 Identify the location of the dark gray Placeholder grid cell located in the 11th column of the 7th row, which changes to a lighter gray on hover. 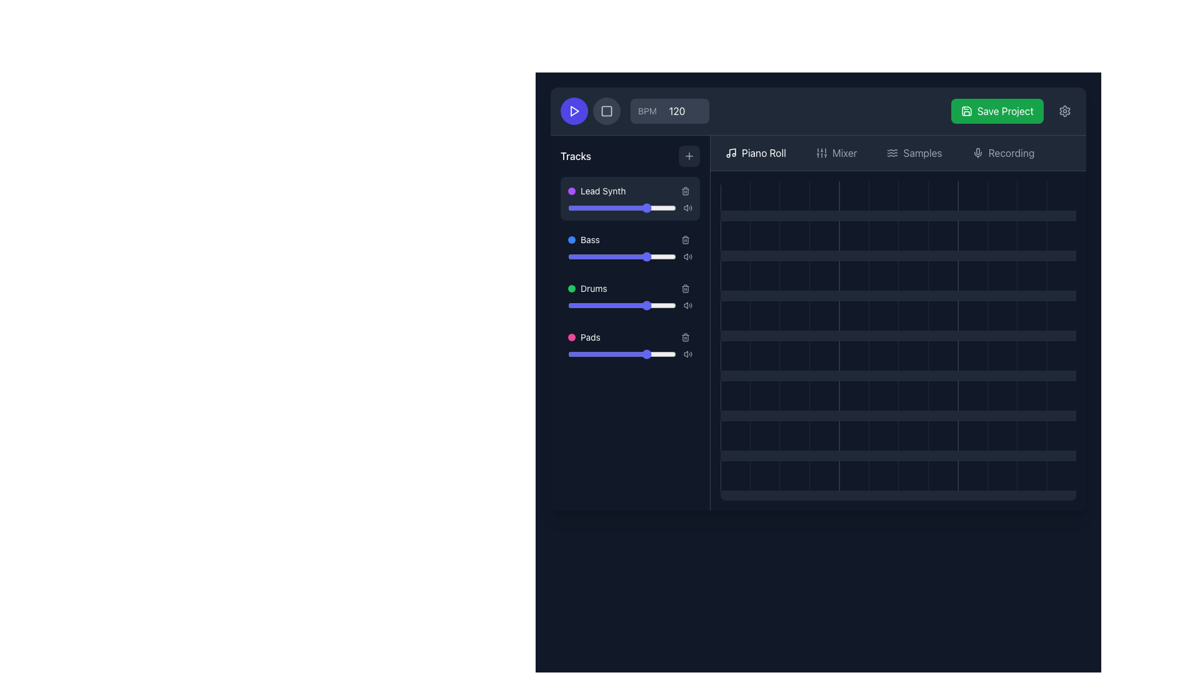
(1032, 396).